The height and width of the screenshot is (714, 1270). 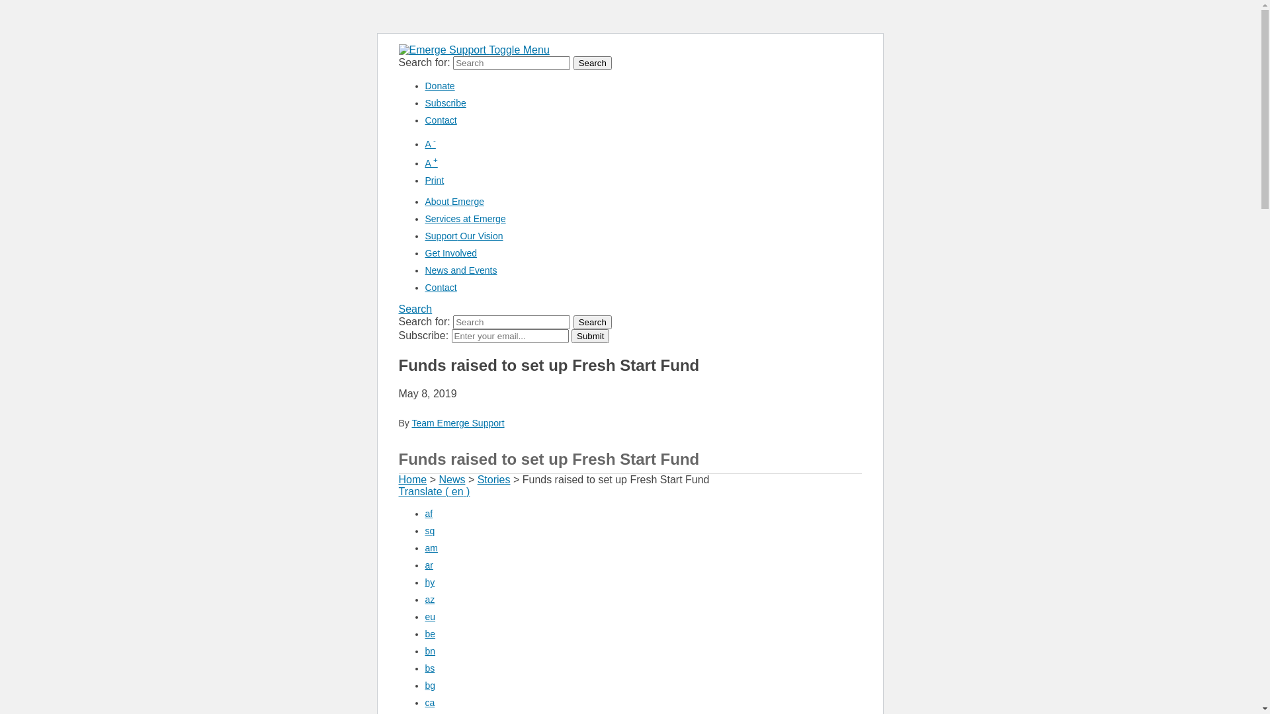 What do you see at coordinates (429, 617) in the screenshot?
I see `'eu'` at bounding box center [429, 617].